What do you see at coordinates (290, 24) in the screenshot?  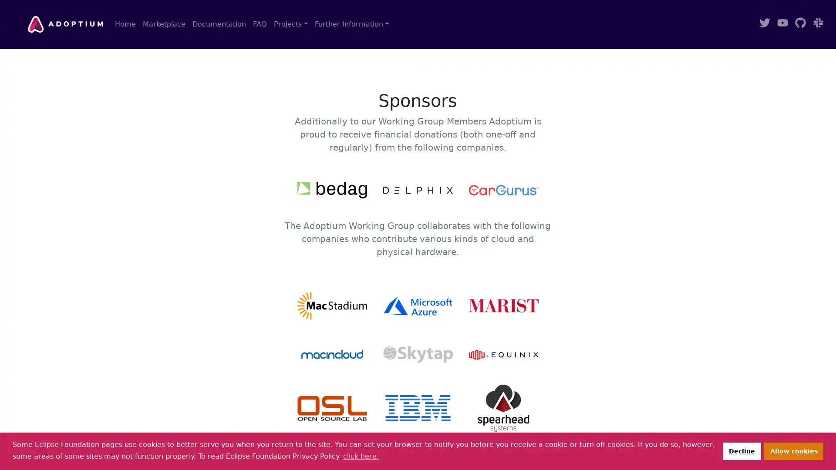 I see `Projects` at bounding box center [290, 24].